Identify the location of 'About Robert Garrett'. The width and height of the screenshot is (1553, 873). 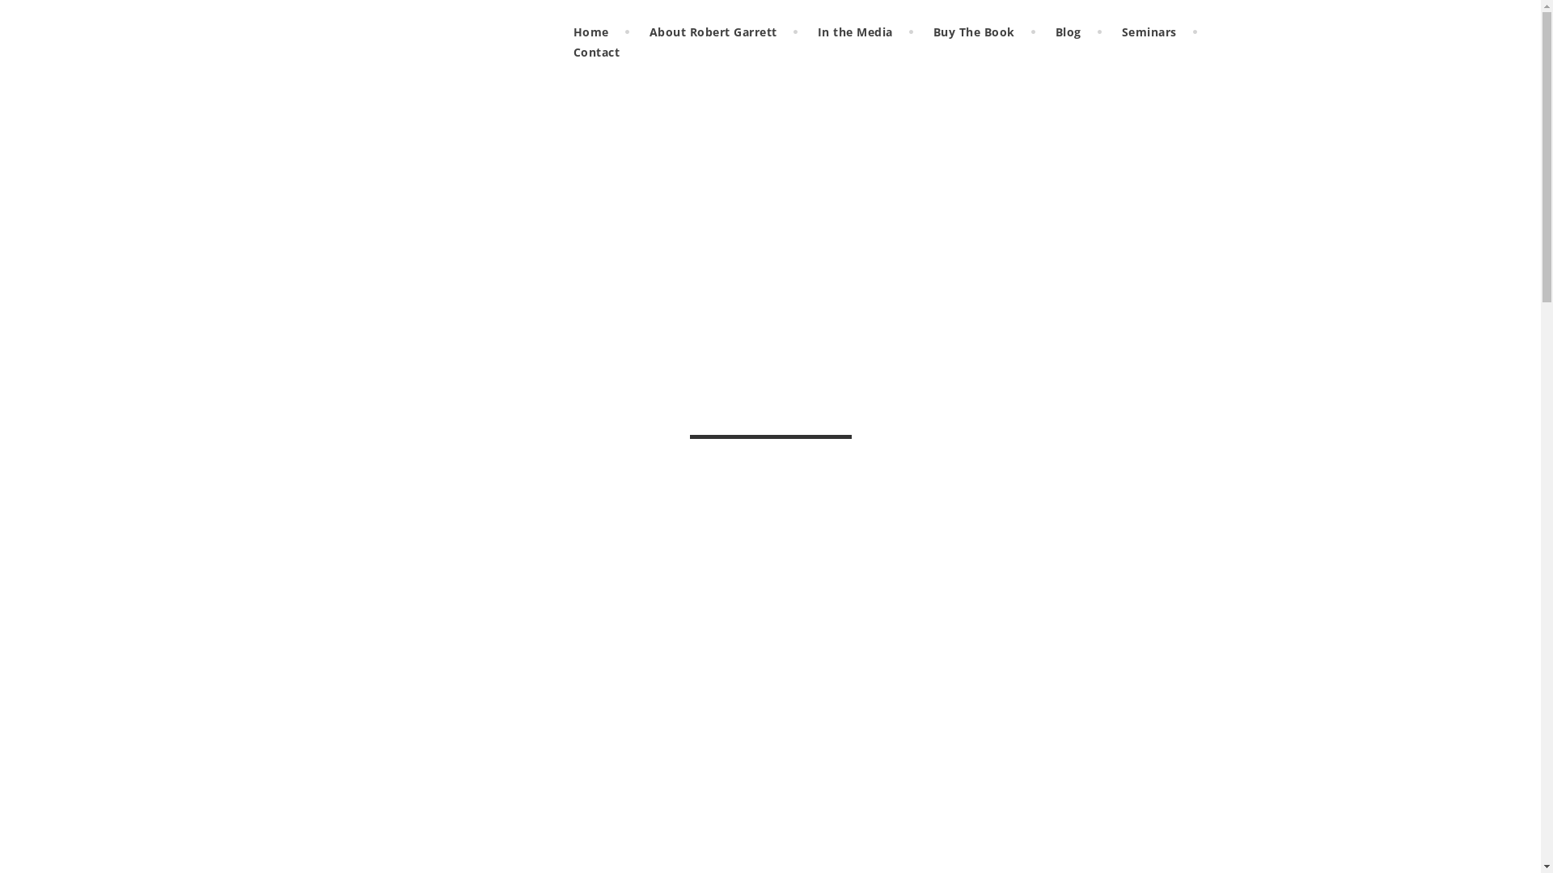
(713, 32).